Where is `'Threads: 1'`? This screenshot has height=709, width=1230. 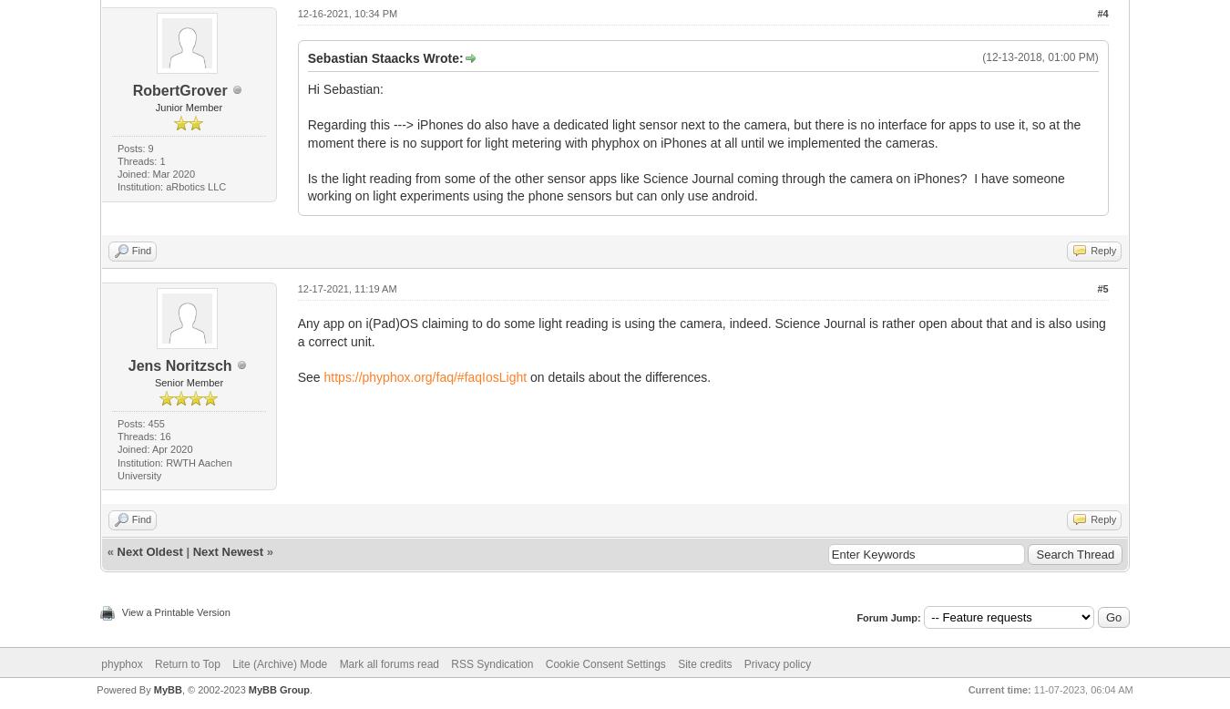
'Threads: 1' is located at coordinates (118, 159).